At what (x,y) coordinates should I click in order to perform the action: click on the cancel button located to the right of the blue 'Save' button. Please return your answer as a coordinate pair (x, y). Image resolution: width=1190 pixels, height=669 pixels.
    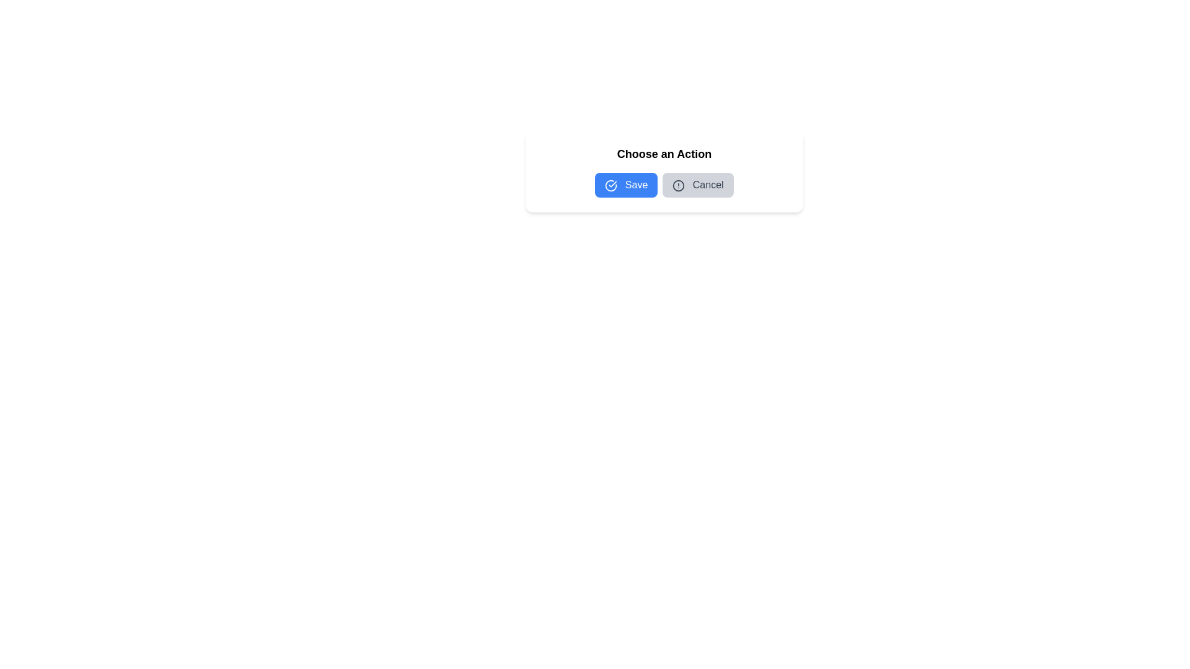
    Looking at the image, I should click on (698, 185).